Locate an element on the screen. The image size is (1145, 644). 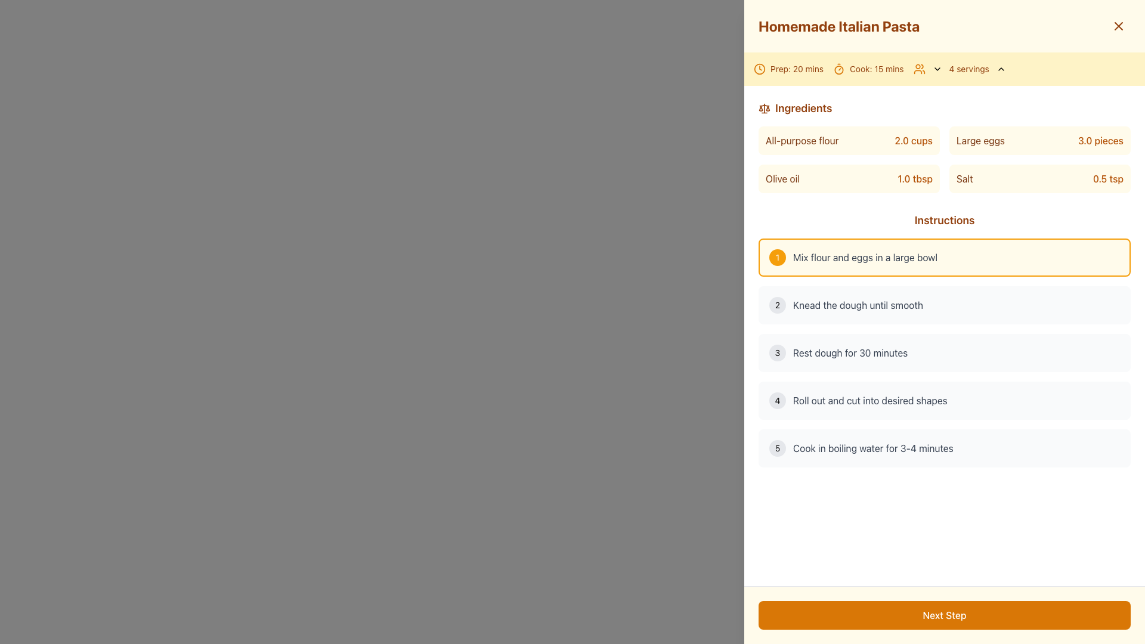
the text label 'Instructions' which is styled in bold amber color and serves as the heading for the list of instructions, located at the top of the instructions section is located at coordinates (944, 221).